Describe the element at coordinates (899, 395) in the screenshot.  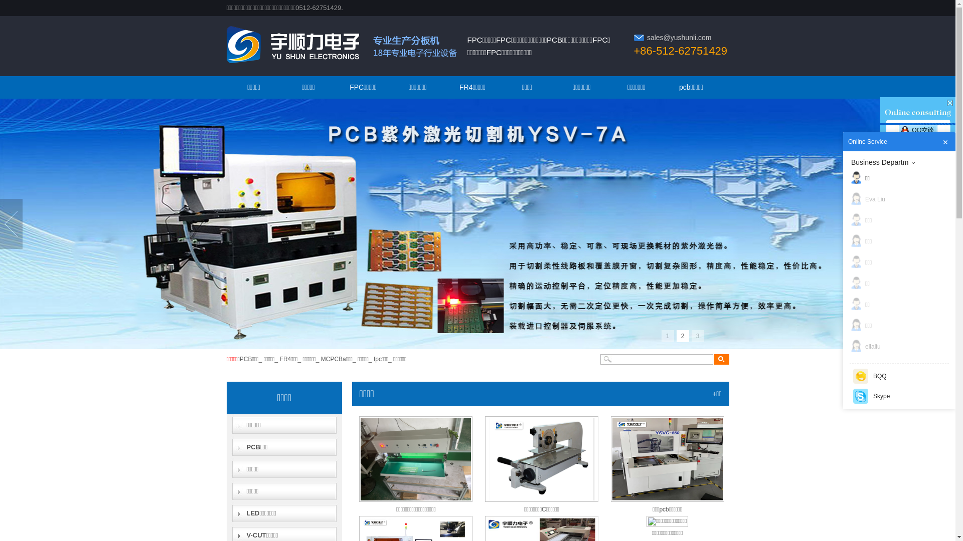
I see `'Skype'` at that location.